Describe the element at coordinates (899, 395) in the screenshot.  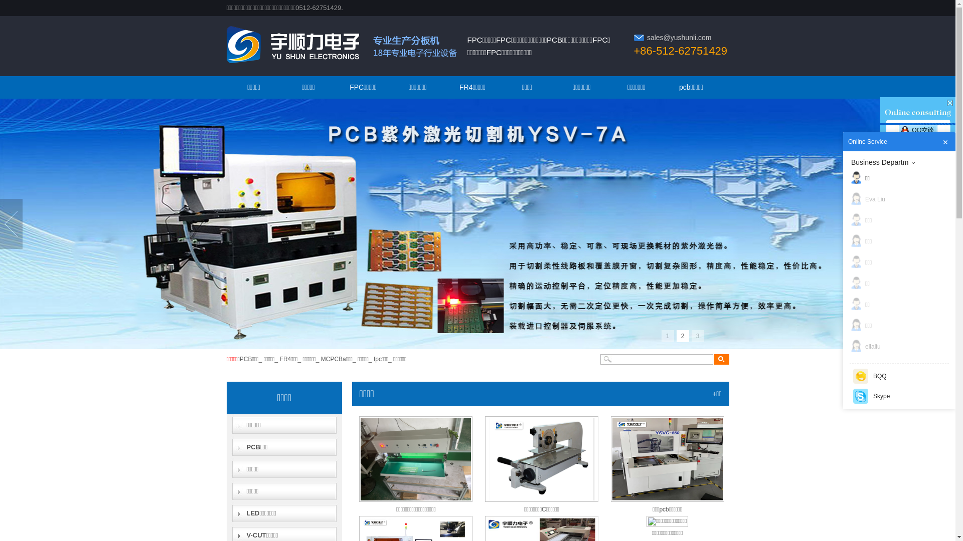
I see `'Skype'` at that location.